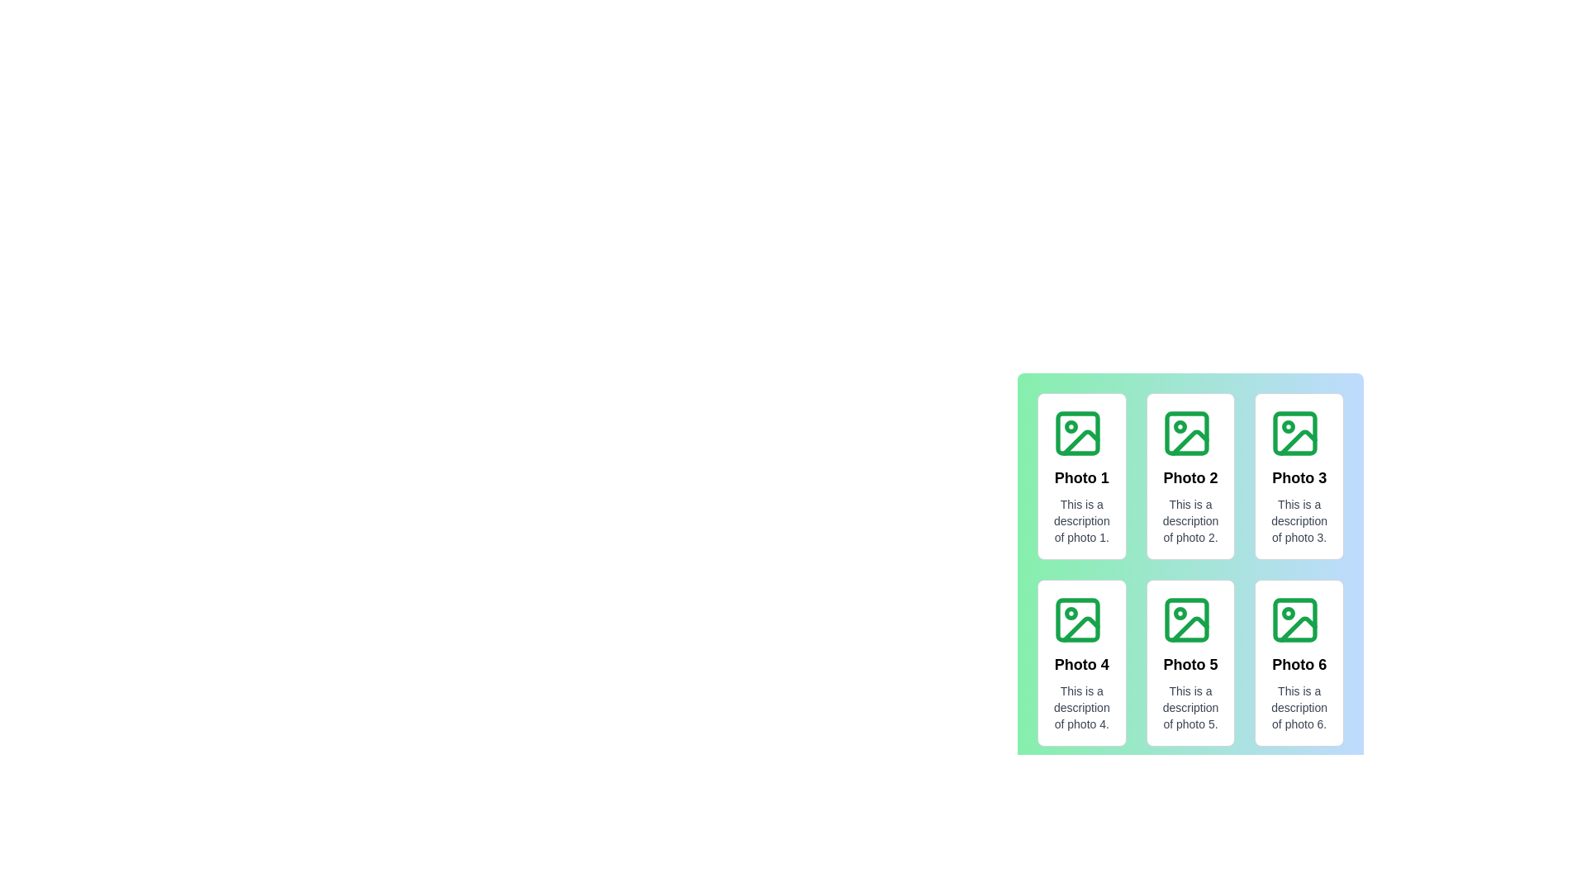 The height and width of the screenshot is (892, 1586). Describe the element at coordinates (1081, 477) in the screenshot. I see `the photo with title Photo 1 to view the visual effects` at that location.